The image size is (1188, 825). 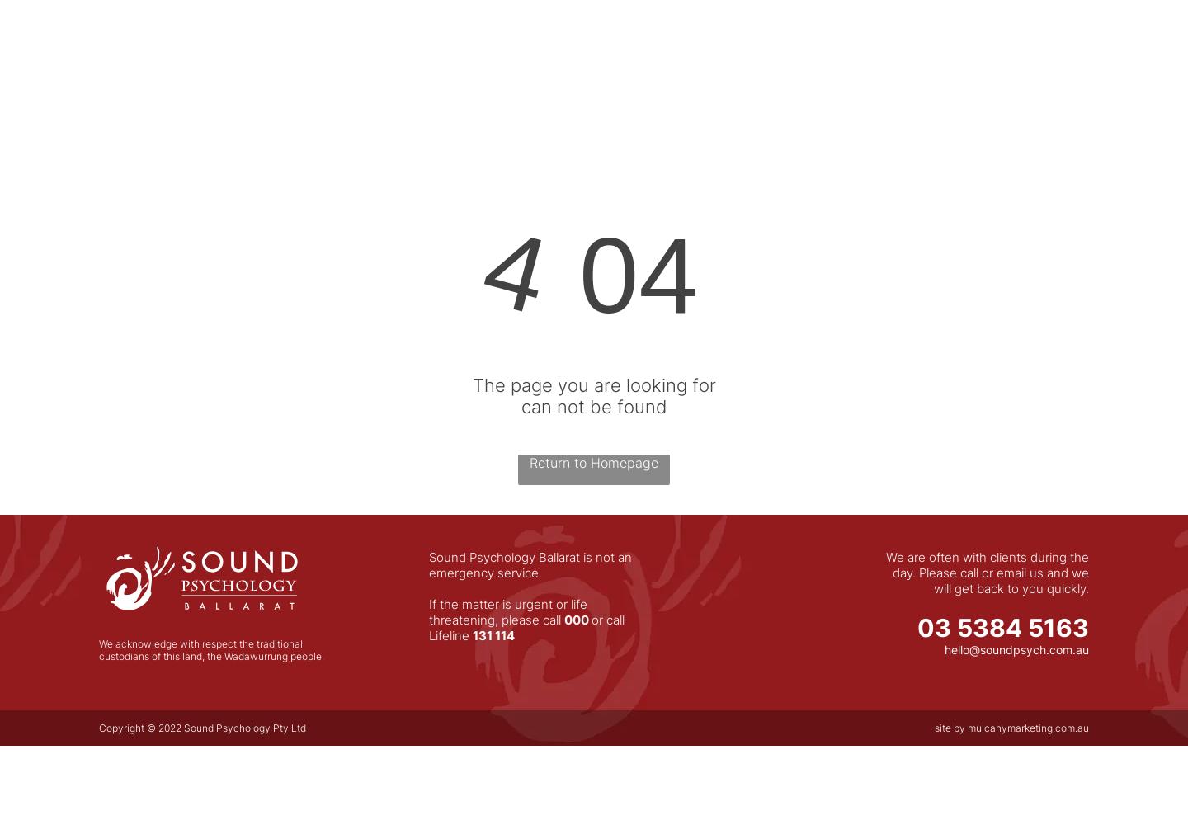 I want to click on 'The page you are looking for', so click(x=593, y=384).